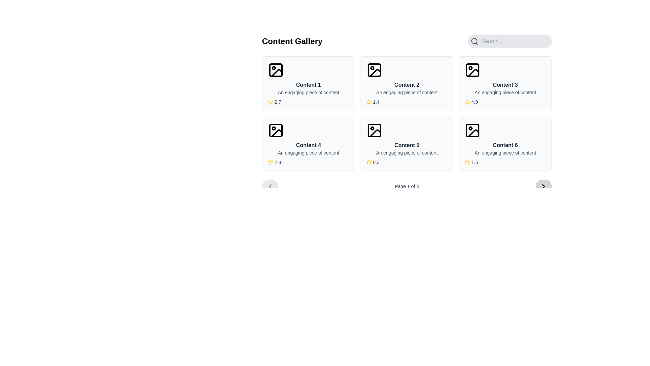  What do you see at coordinates (374, 130) in the screenshot?
I see `the image placeholder icon located at the top-left corner of the 'Content 5' card in the second row, third column of the content grid` at bounding box center [374, 130].